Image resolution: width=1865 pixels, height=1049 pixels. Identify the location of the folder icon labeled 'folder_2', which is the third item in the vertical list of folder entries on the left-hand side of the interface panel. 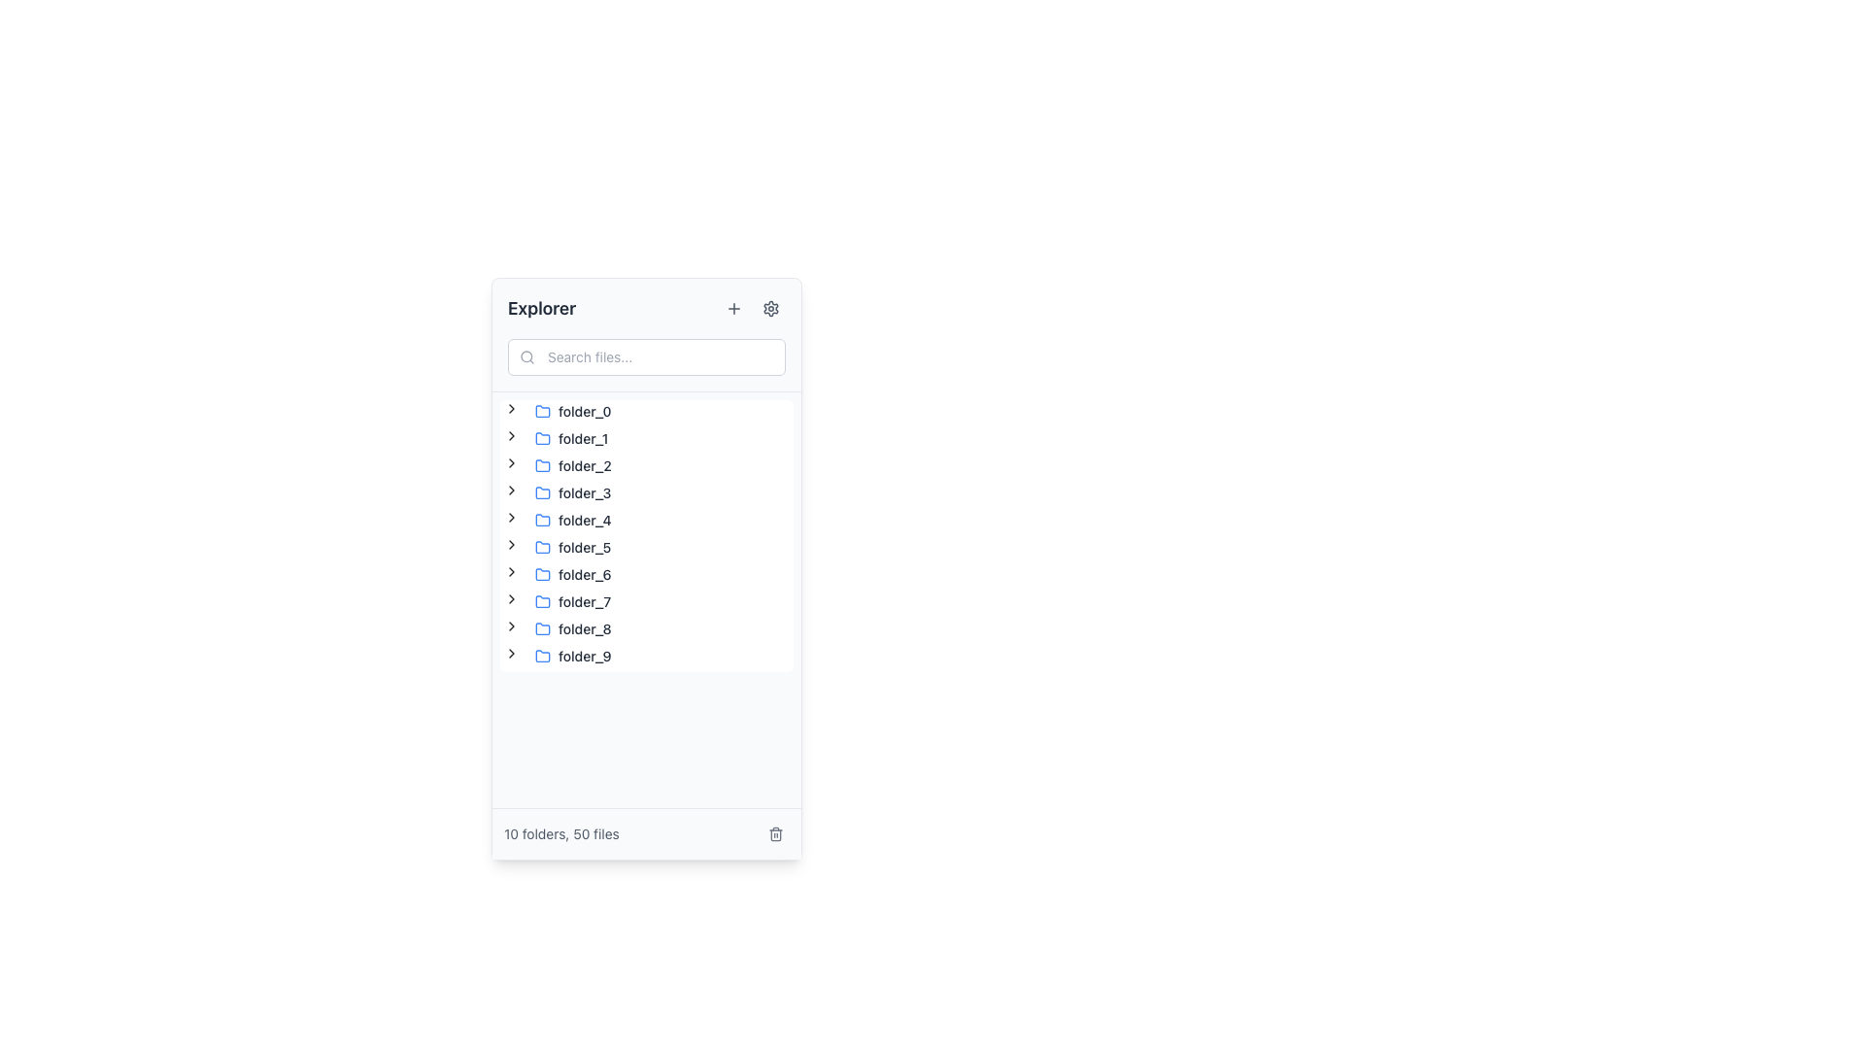
(542, 464).